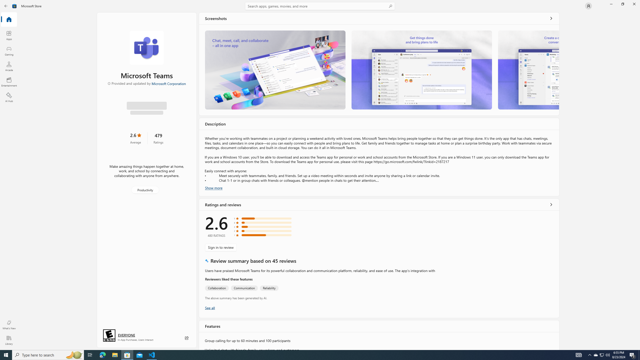  Describe the element at coordinates (588, 5) in the screenshot. I see `'User profile'` at that location.